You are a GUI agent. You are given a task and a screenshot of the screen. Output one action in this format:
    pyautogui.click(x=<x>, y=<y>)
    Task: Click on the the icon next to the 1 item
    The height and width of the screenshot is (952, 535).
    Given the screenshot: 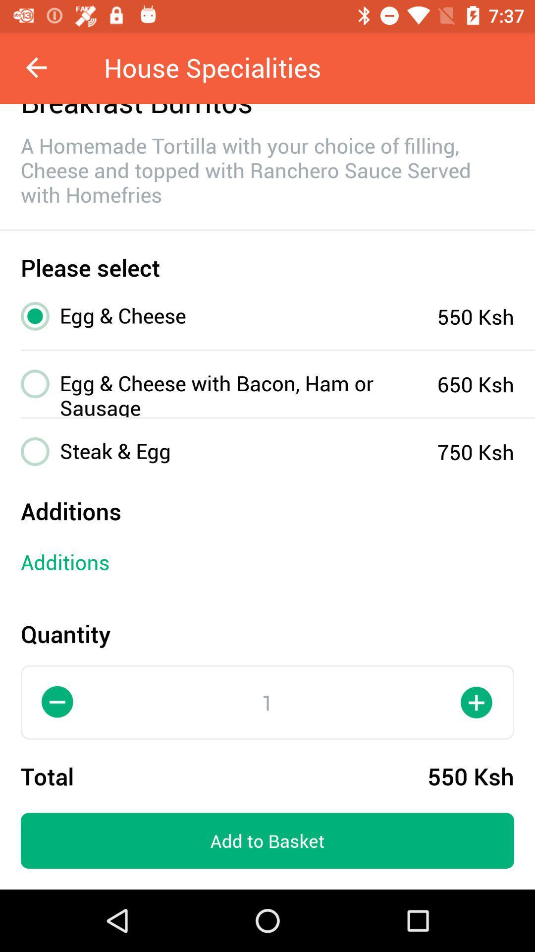 What is the action you would take?
    pyautogui.click(x=57, y=702)
    